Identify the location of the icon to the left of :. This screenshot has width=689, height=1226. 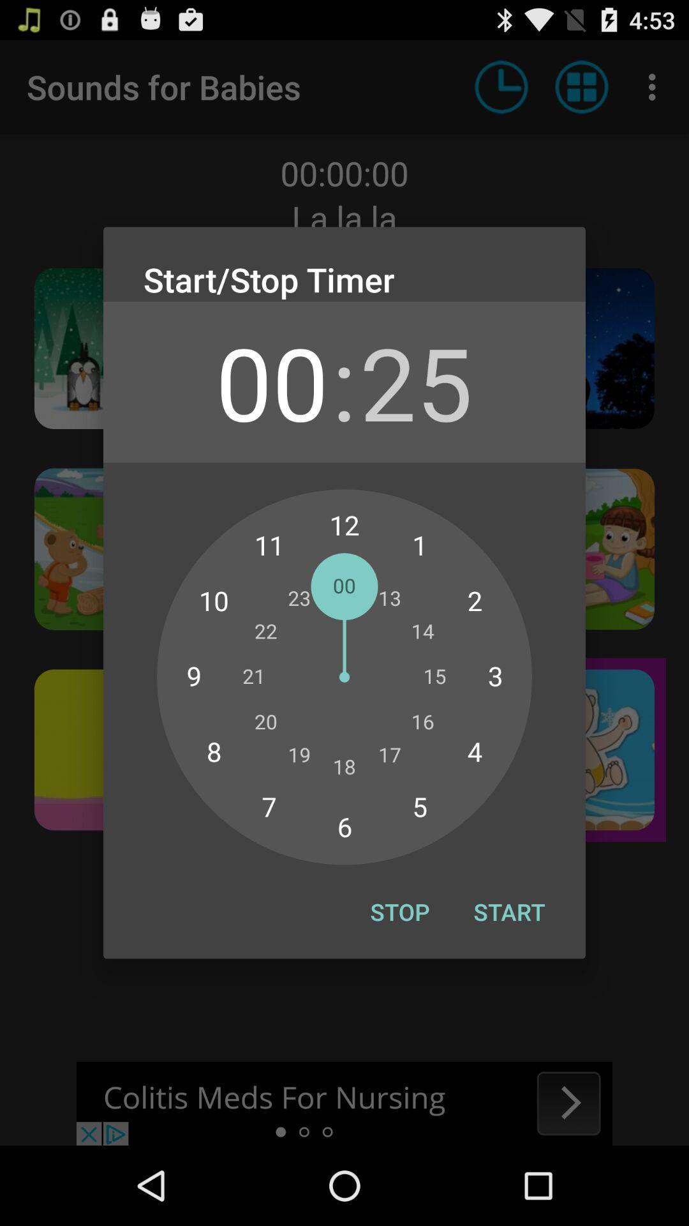
(271, 381).